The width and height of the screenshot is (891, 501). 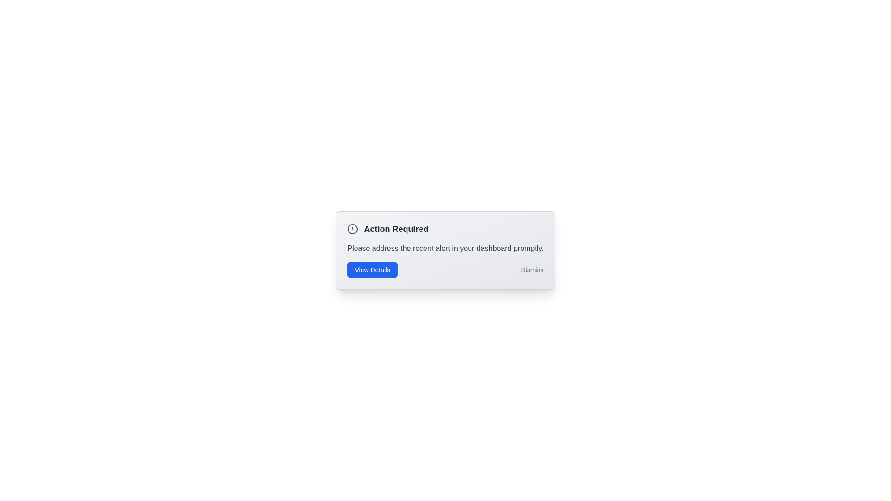 I want to click on the 'View Details' button to trigger the alert action, so click(x=372, y=270).